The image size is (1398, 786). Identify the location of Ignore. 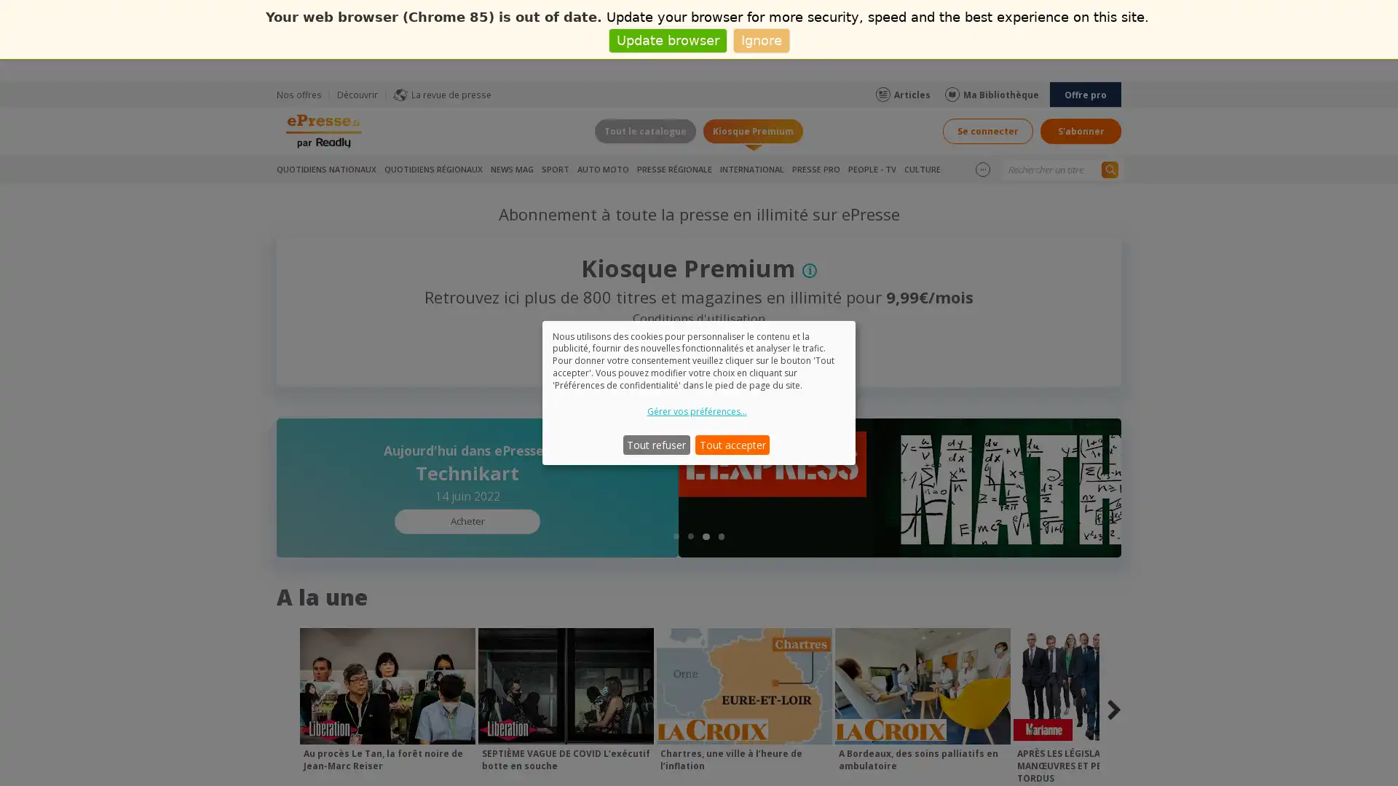
(760, 39).